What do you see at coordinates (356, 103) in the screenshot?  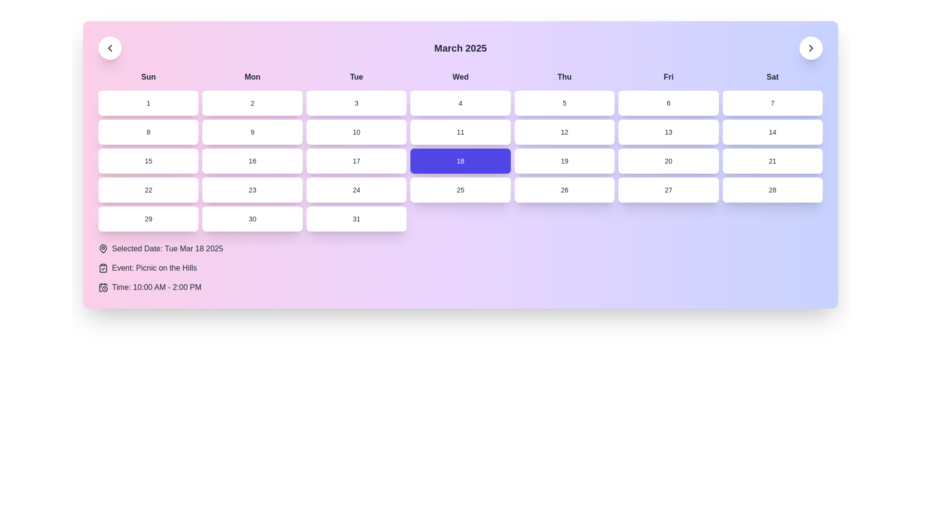 I see `the clickable button displaying the number '3' located in the calendar grid under the header 'Tue'` at bounding box center [356, 103].